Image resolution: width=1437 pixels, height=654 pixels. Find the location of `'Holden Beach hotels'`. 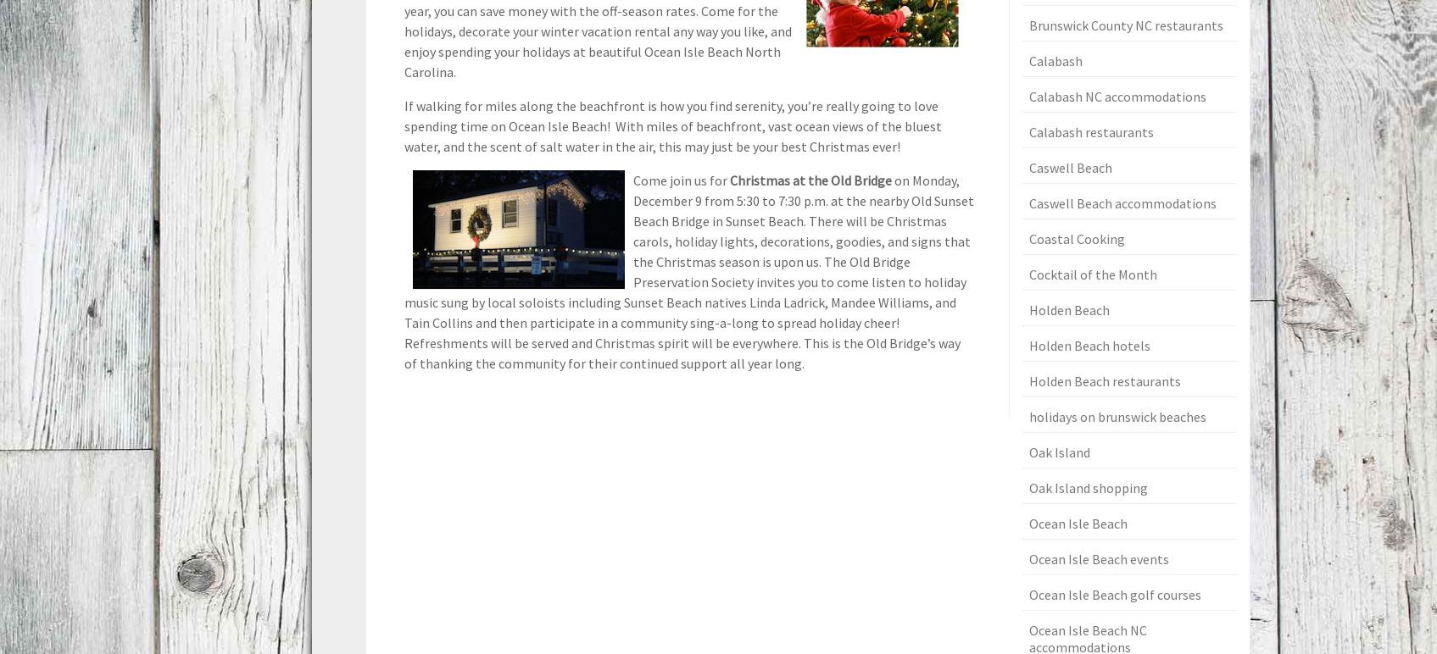

'Holden Beach hotels' is located at coordinates (1088, 344).